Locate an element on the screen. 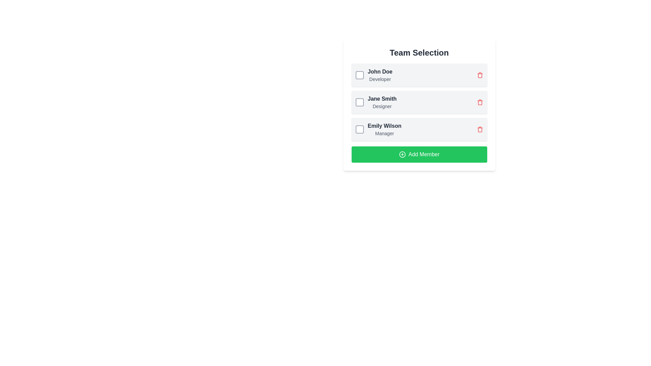  the text label showing the name 'John Doe', which is the first item in the 'Team Selection' list and positioned at the top left corner of its list item is located at coordinates (380, 72).